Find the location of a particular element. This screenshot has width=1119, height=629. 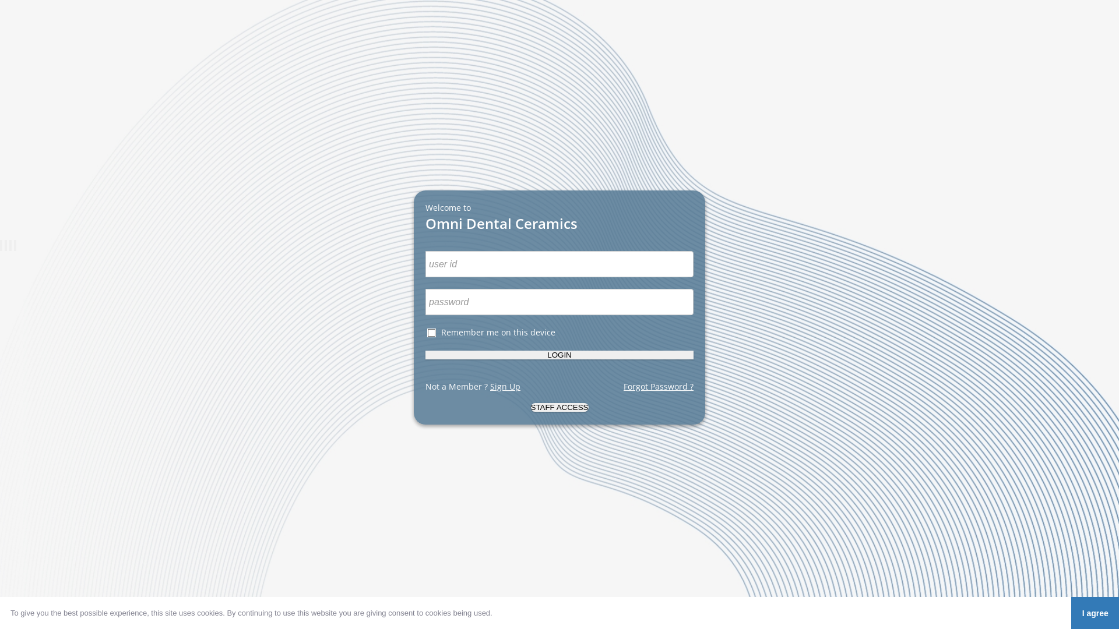

'staff access' is located at coordinates (558, 407).